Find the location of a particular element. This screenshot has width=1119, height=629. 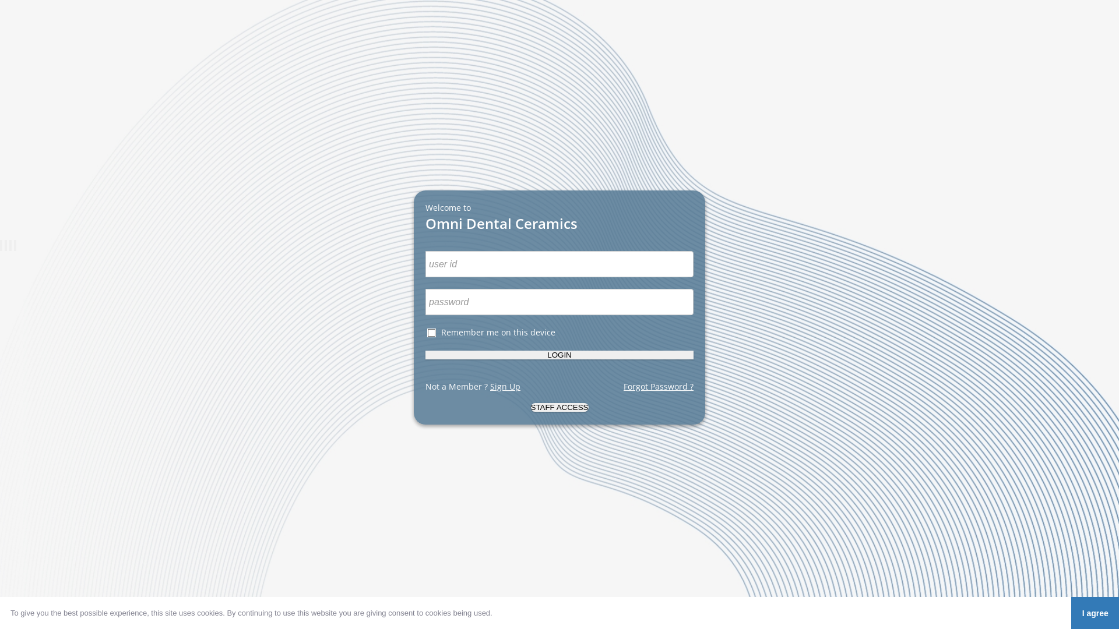

'staff access' is located at coordinates (558, 407).